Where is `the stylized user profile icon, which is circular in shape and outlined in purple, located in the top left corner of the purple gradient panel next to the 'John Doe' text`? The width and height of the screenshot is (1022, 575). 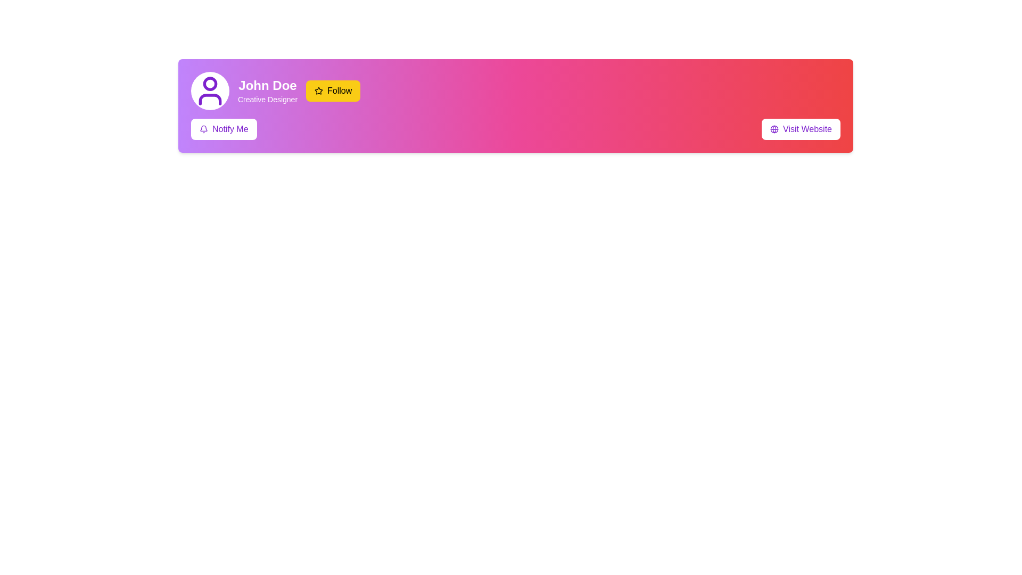 the stylized user profile icon, which is circular in shape and outlined in purple, located in the top left corner of the purple gradient panel next to the 'John Doe' text is located at coordinates (210, 90).